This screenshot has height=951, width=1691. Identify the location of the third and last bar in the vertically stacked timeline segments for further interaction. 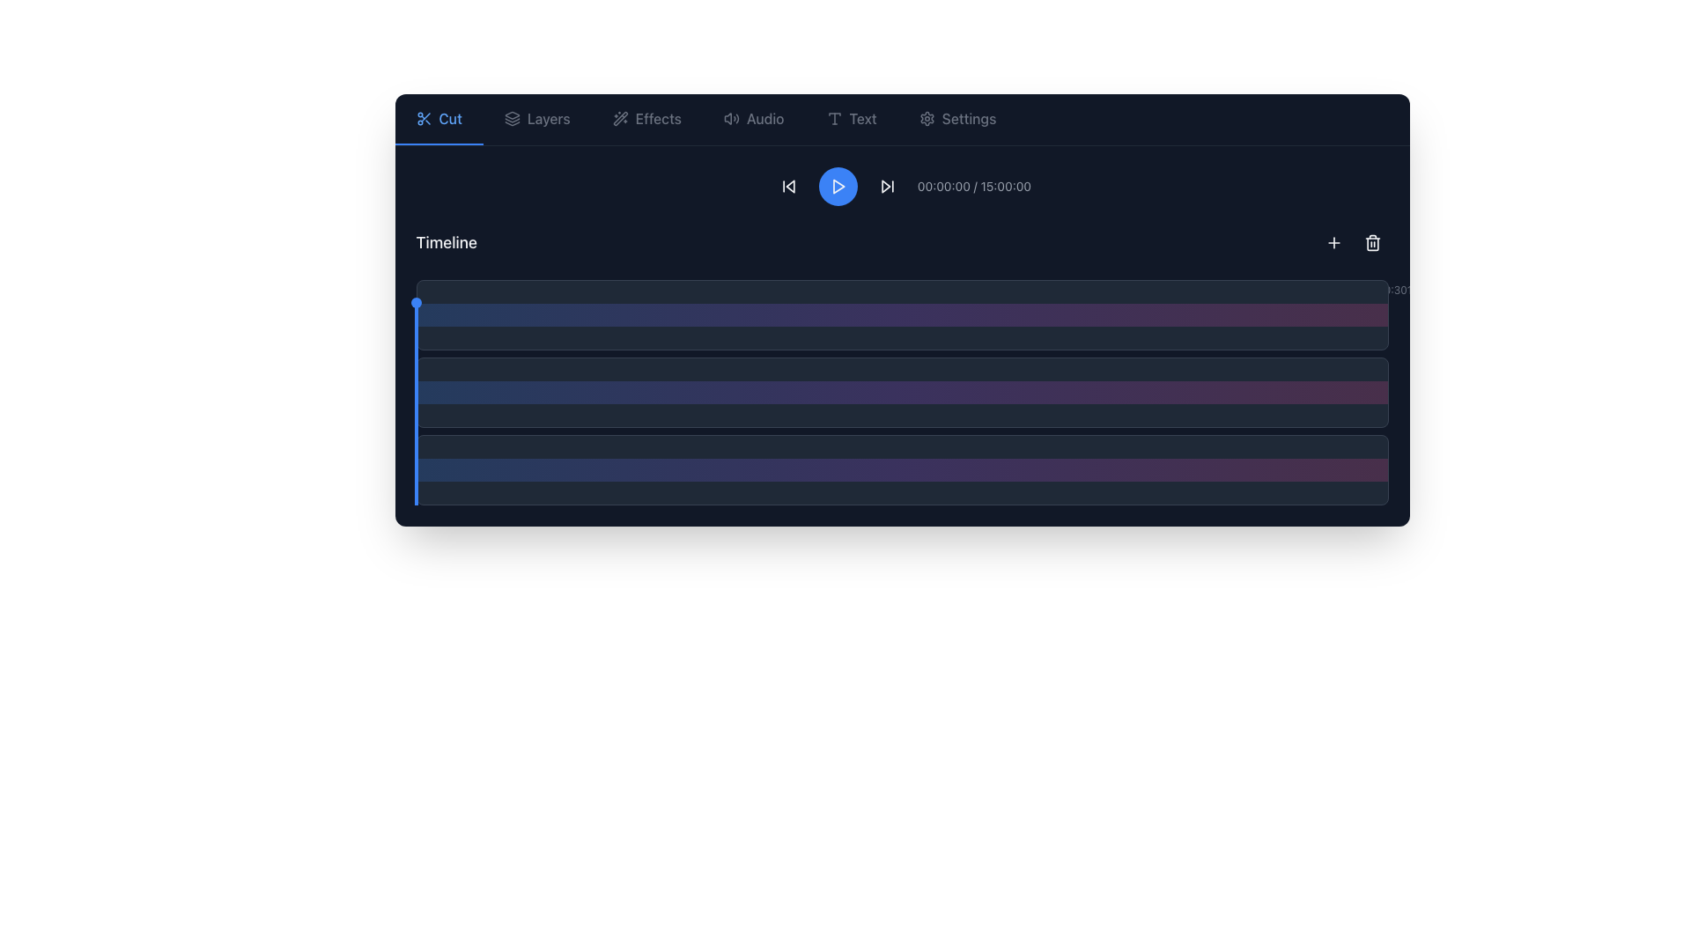
(902, 468).